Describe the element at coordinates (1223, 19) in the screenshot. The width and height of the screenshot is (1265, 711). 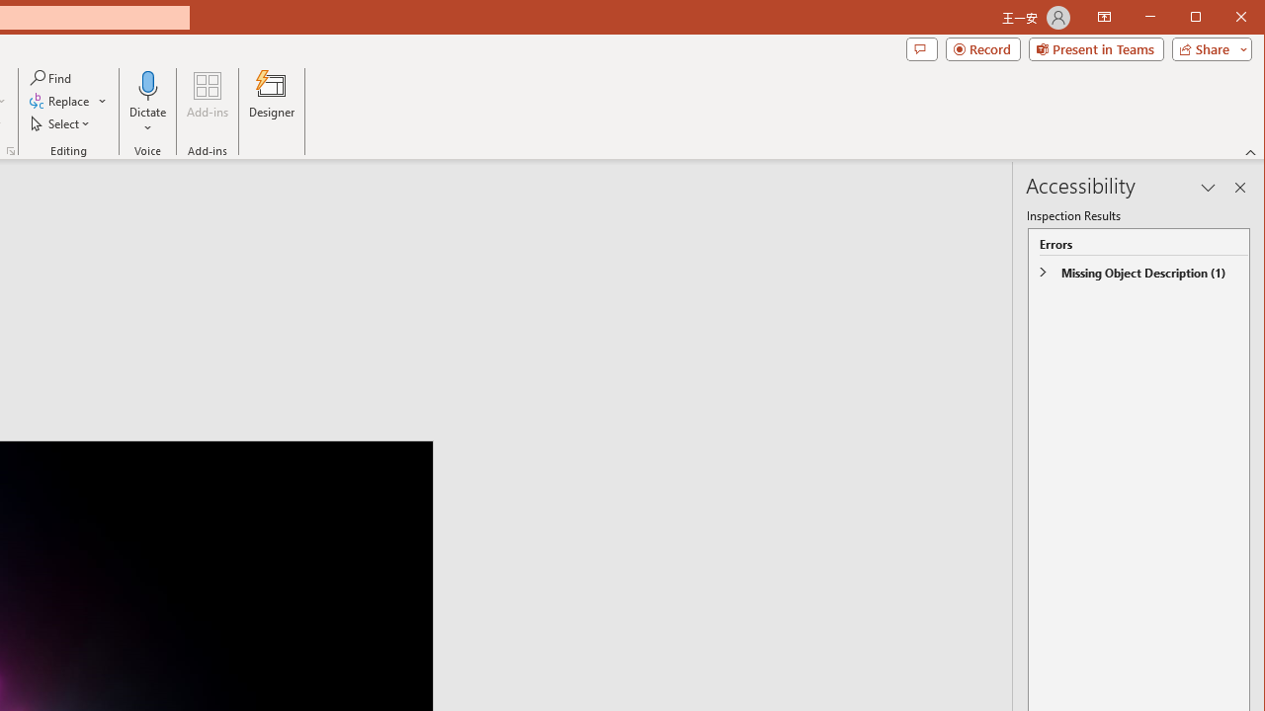
I see `'Maximize'` at that location.